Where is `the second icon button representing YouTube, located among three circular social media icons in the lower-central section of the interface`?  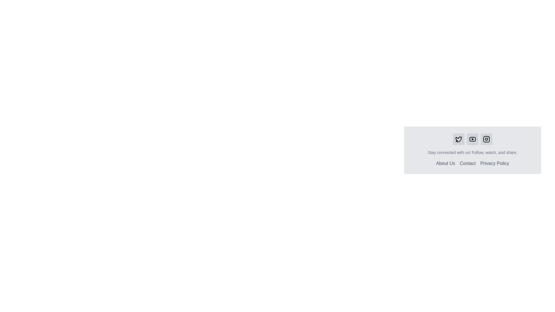 the second icon button representing YouTube, located among three circular social media icons in the lower-central section of the interface is located at coordinates (473, 139).